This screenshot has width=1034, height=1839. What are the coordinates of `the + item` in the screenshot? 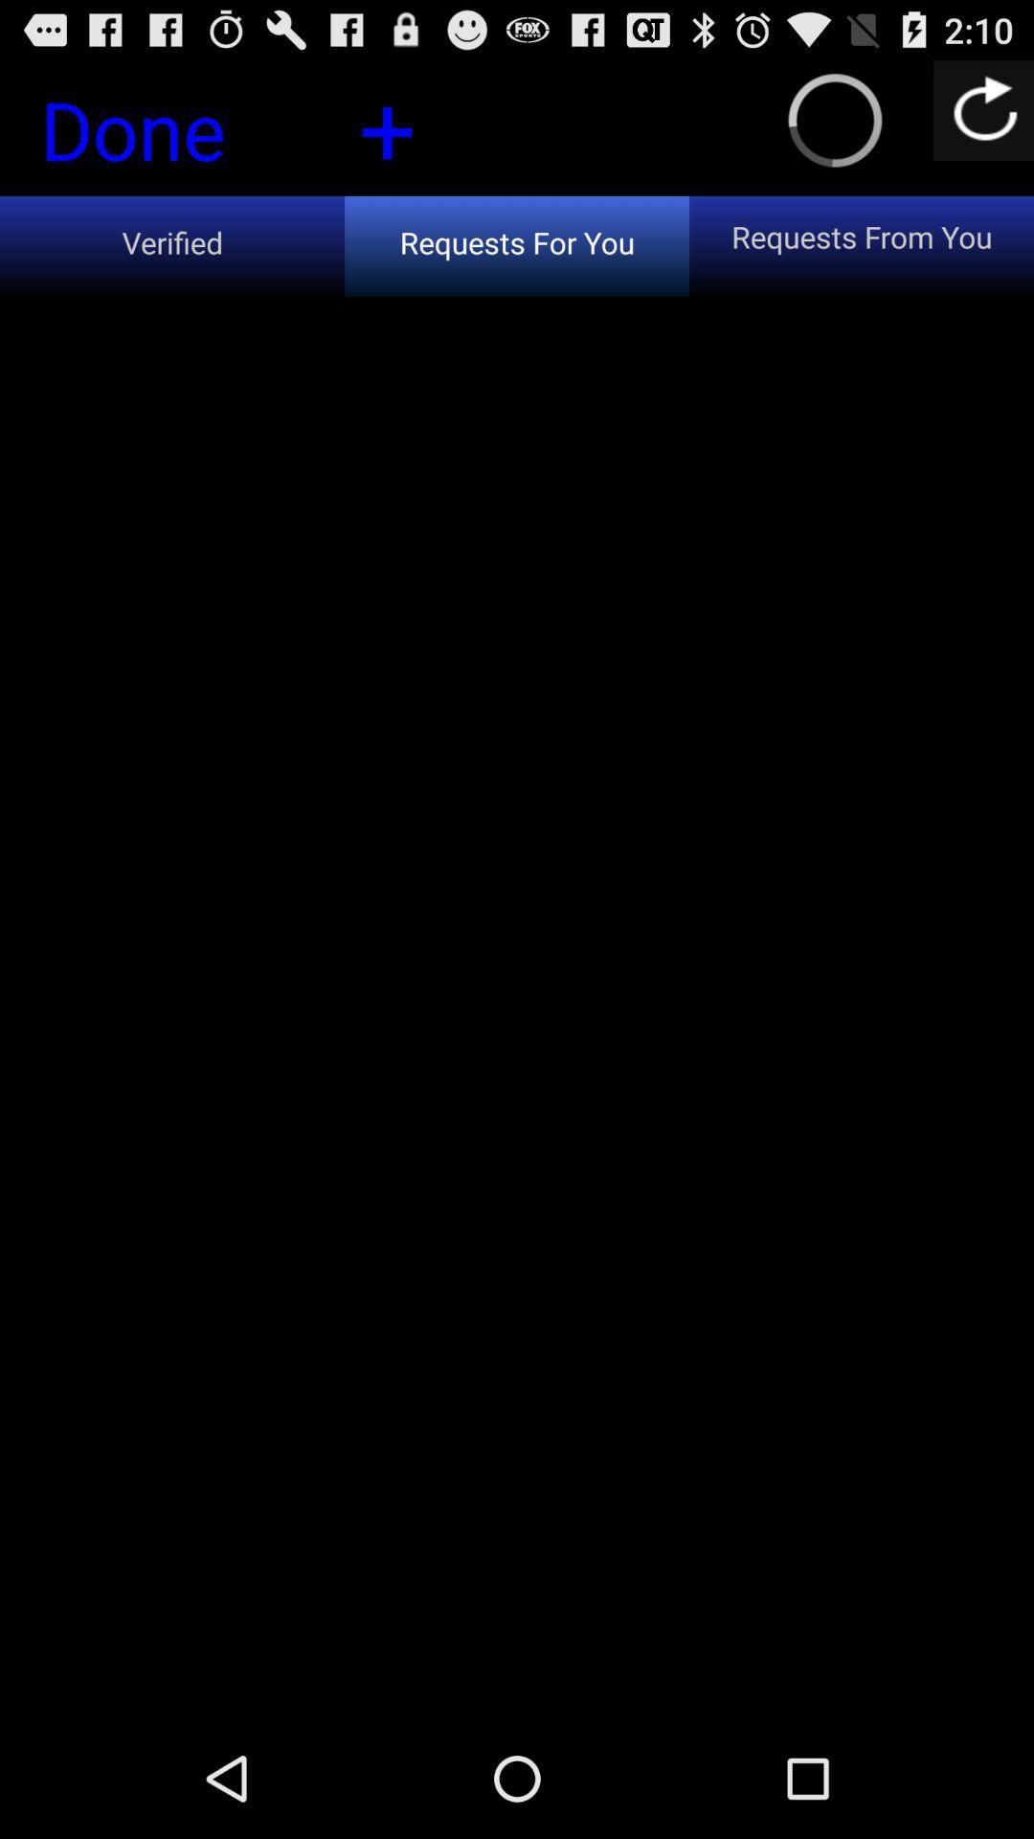 It's located at (387, 125).